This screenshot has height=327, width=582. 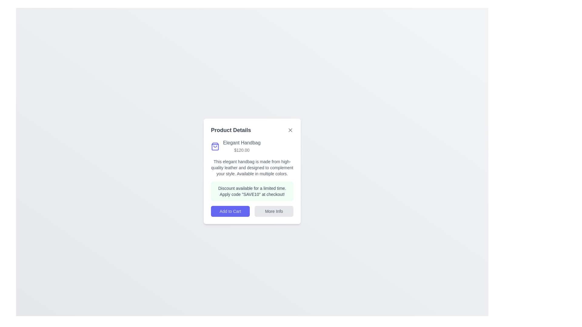 What do you see at coordinates (273, 211) in the screenshot?
I see `the 'More Info' button, which has a light gray background and is located in the lower-right section of a modal, adjacent to the 'Add to Cart' button` at bounding box center [273, 211].